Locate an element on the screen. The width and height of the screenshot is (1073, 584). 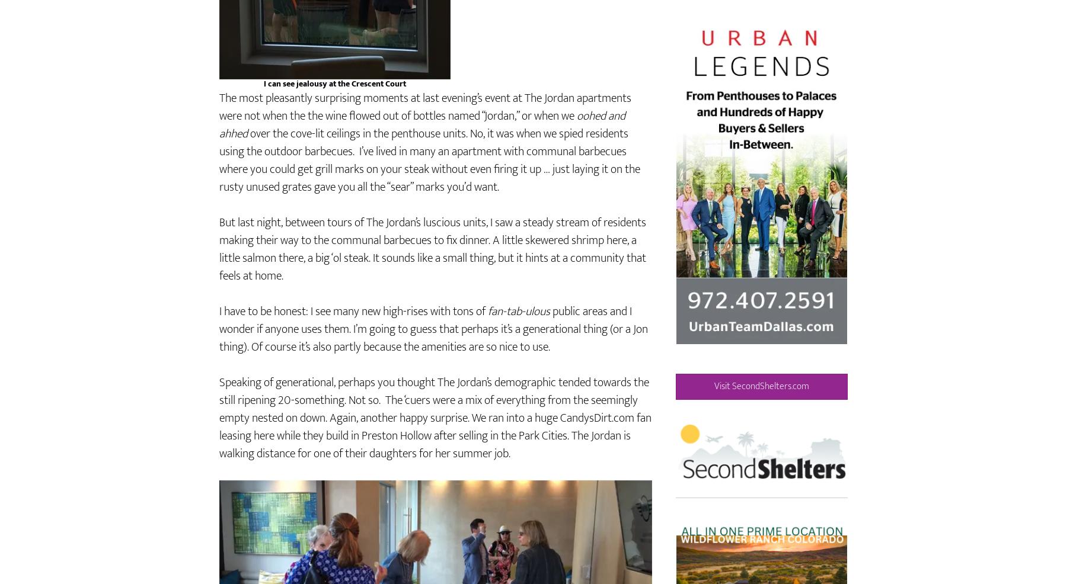
'public areas and I wonder if anyone uses them. I’m going to guess that perhaps it’s a generational thing (or a Jon thing). Of course it’s also partly because the amenities are so nice to use.' is located at coordinates (433, 363).